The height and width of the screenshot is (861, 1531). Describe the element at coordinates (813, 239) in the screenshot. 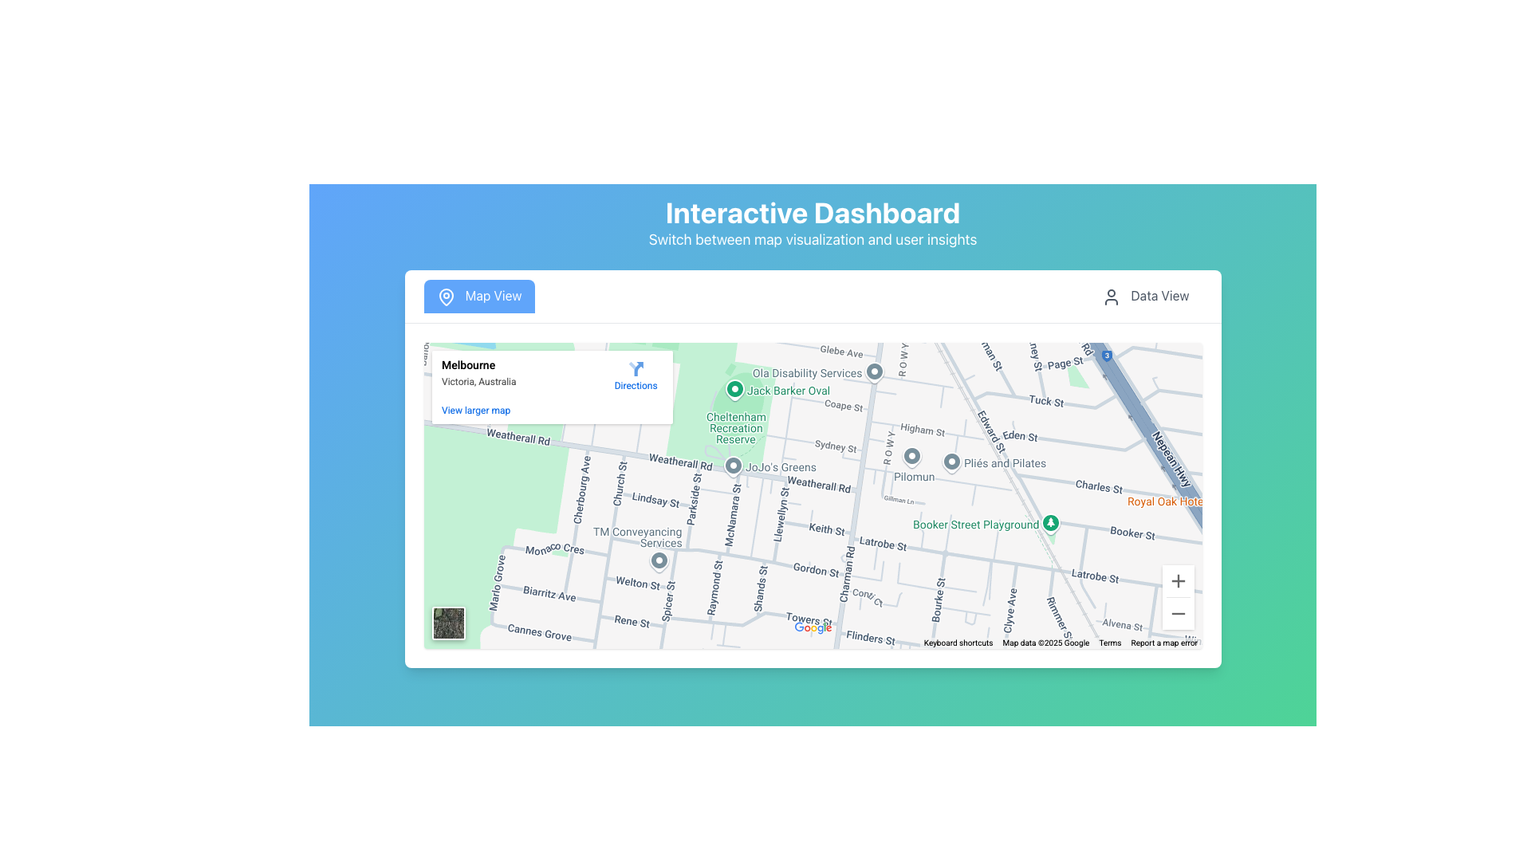

I see `the descriptive Text Label located below the heading 'Interactive Dashboard', which provides context about switching between different visualizations` at that location.